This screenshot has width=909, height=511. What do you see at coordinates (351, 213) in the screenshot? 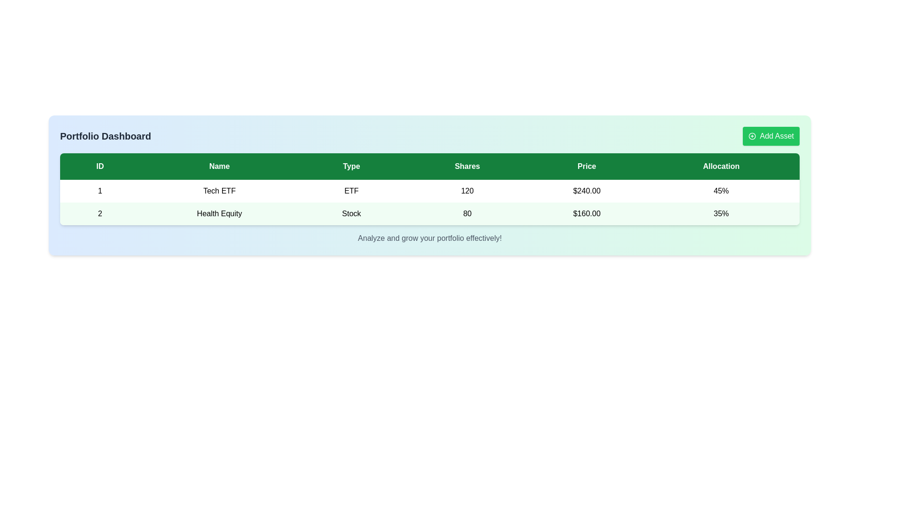
I see `text label indicating the type of the portfolio item located in the 'Type' column of the second row in the financial data table, which is to the right of 'Health Equity'` at bounding box center [351, 213].